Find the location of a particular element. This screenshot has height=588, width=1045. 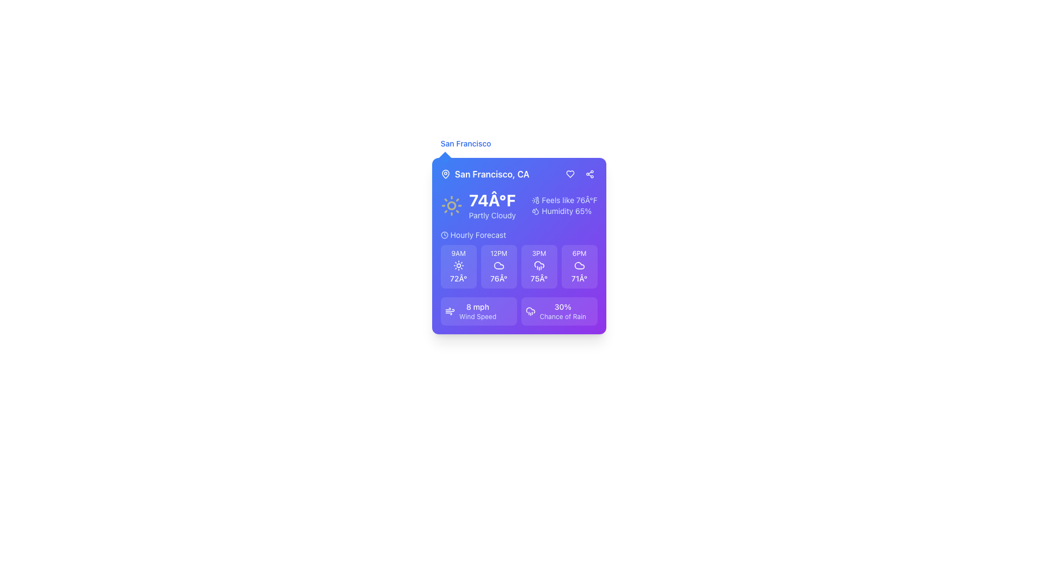

the text label displaying 'Chance of Rain' in a small, lightweight font with a blue hue, located in the bottom-right corner of the interface under the numeric value '30% is located at coordinates (563, 317).